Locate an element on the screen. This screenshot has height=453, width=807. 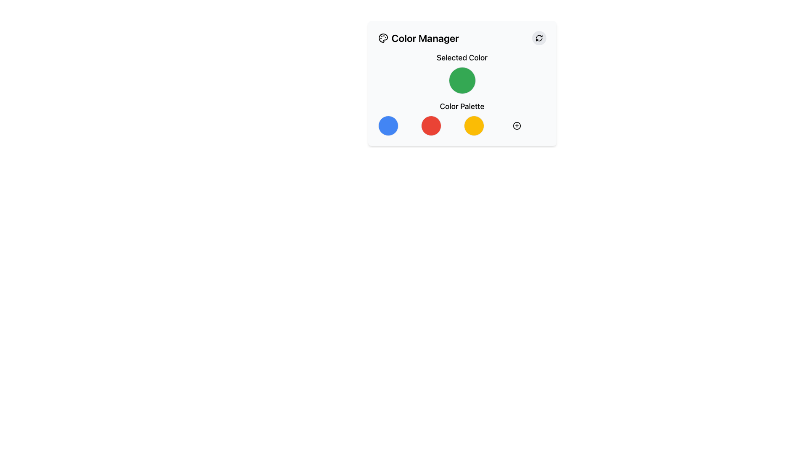
the circular icon with a dashed gray border containing a plus sign is located at coordinates (516, 126).